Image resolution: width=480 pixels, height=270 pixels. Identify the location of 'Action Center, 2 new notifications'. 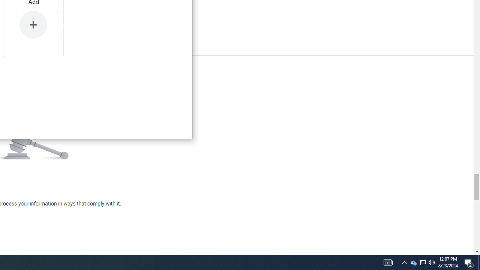
(478, 262).